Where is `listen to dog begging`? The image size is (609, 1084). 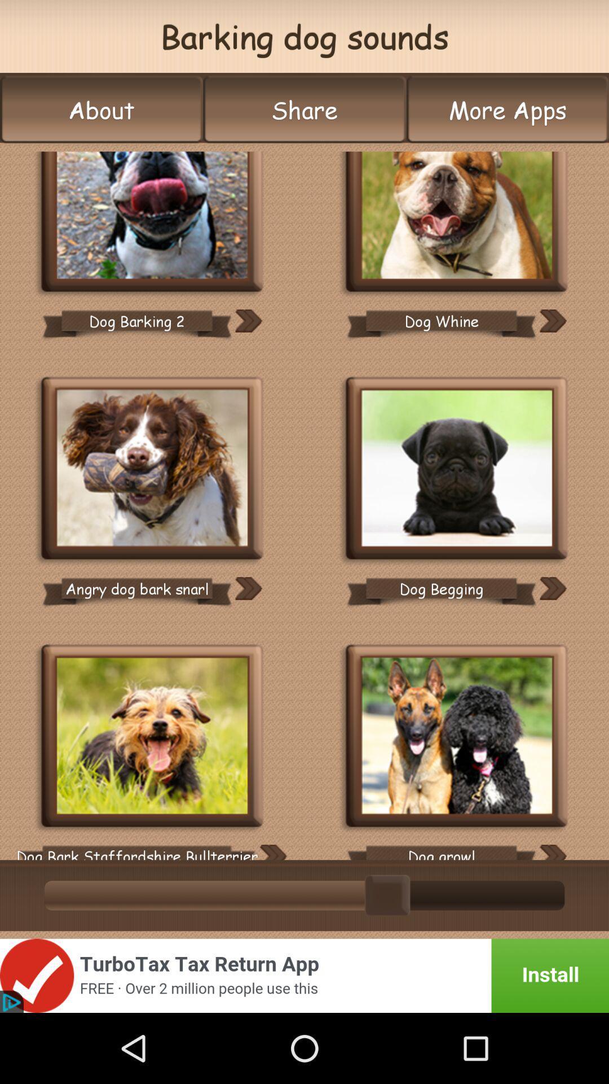 listen to dog begging is located at coordinates (552, 588).